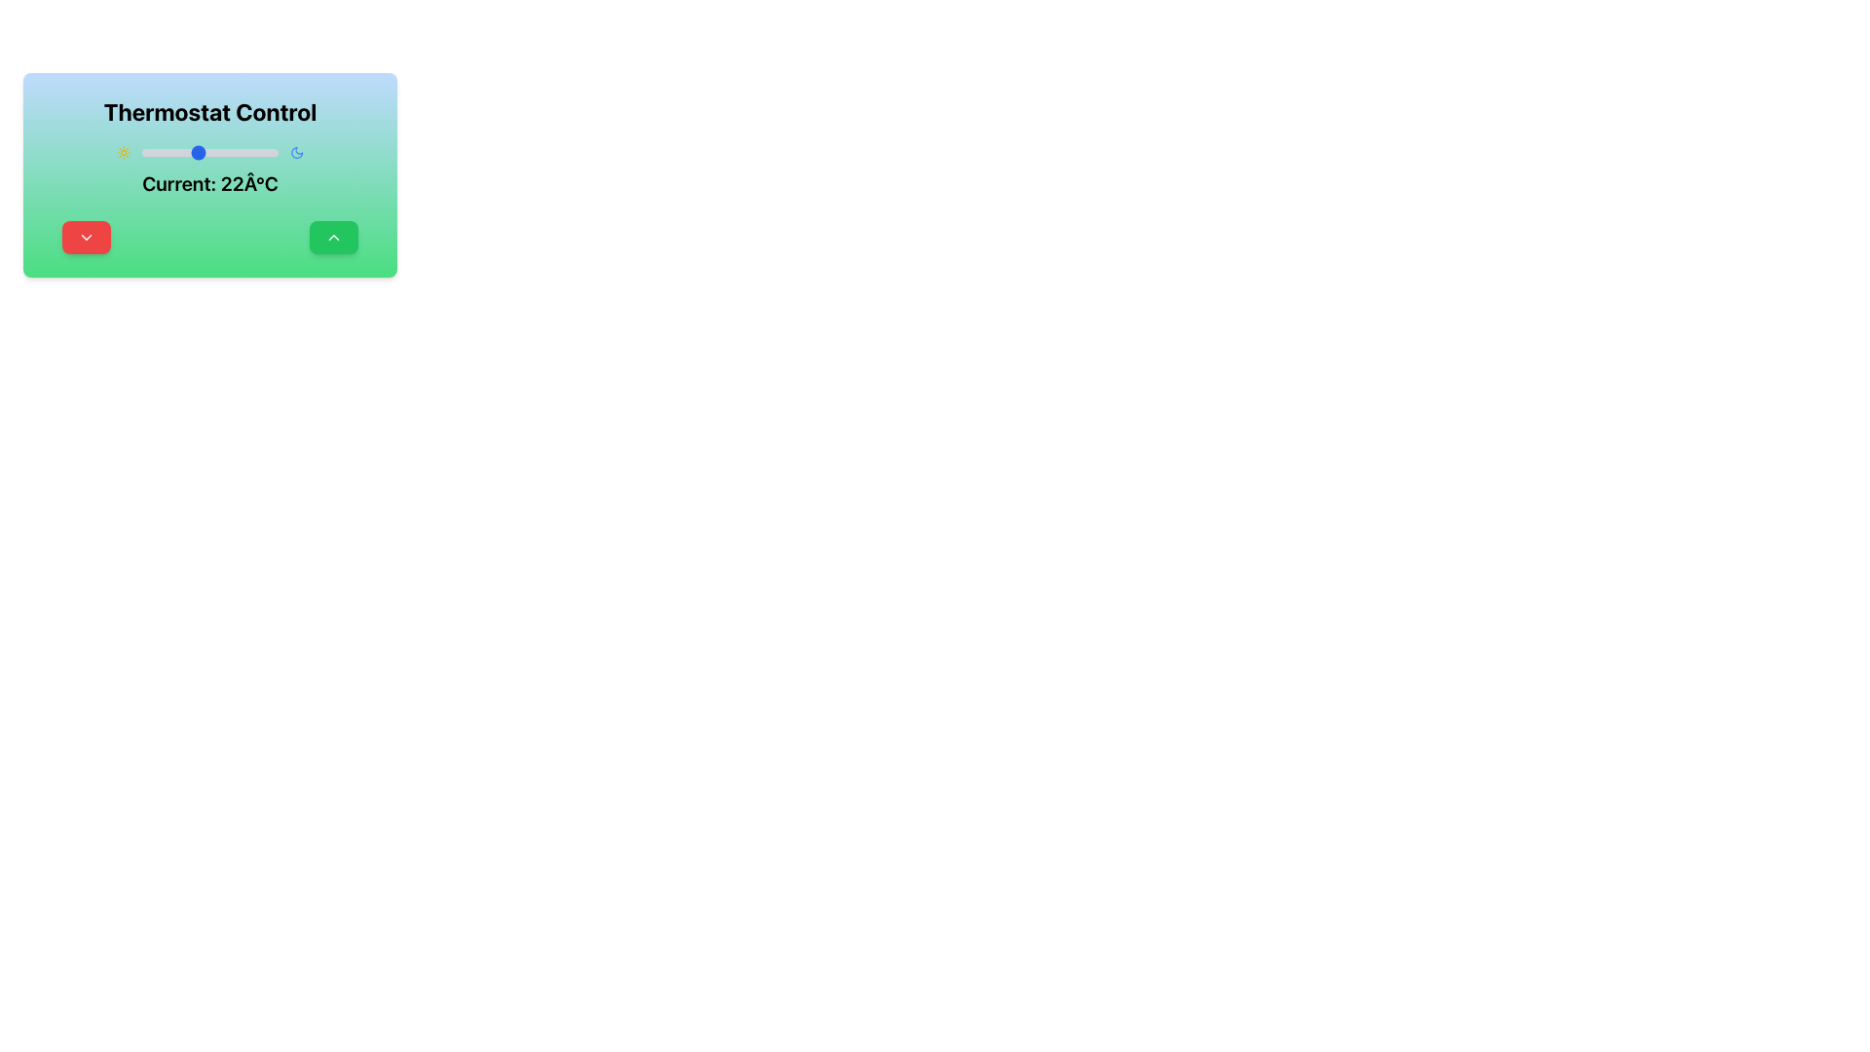 Image resolution: width=1870 pixels, height=1052 pixels. I want to click on thermostat temperature, so click(182, 152).